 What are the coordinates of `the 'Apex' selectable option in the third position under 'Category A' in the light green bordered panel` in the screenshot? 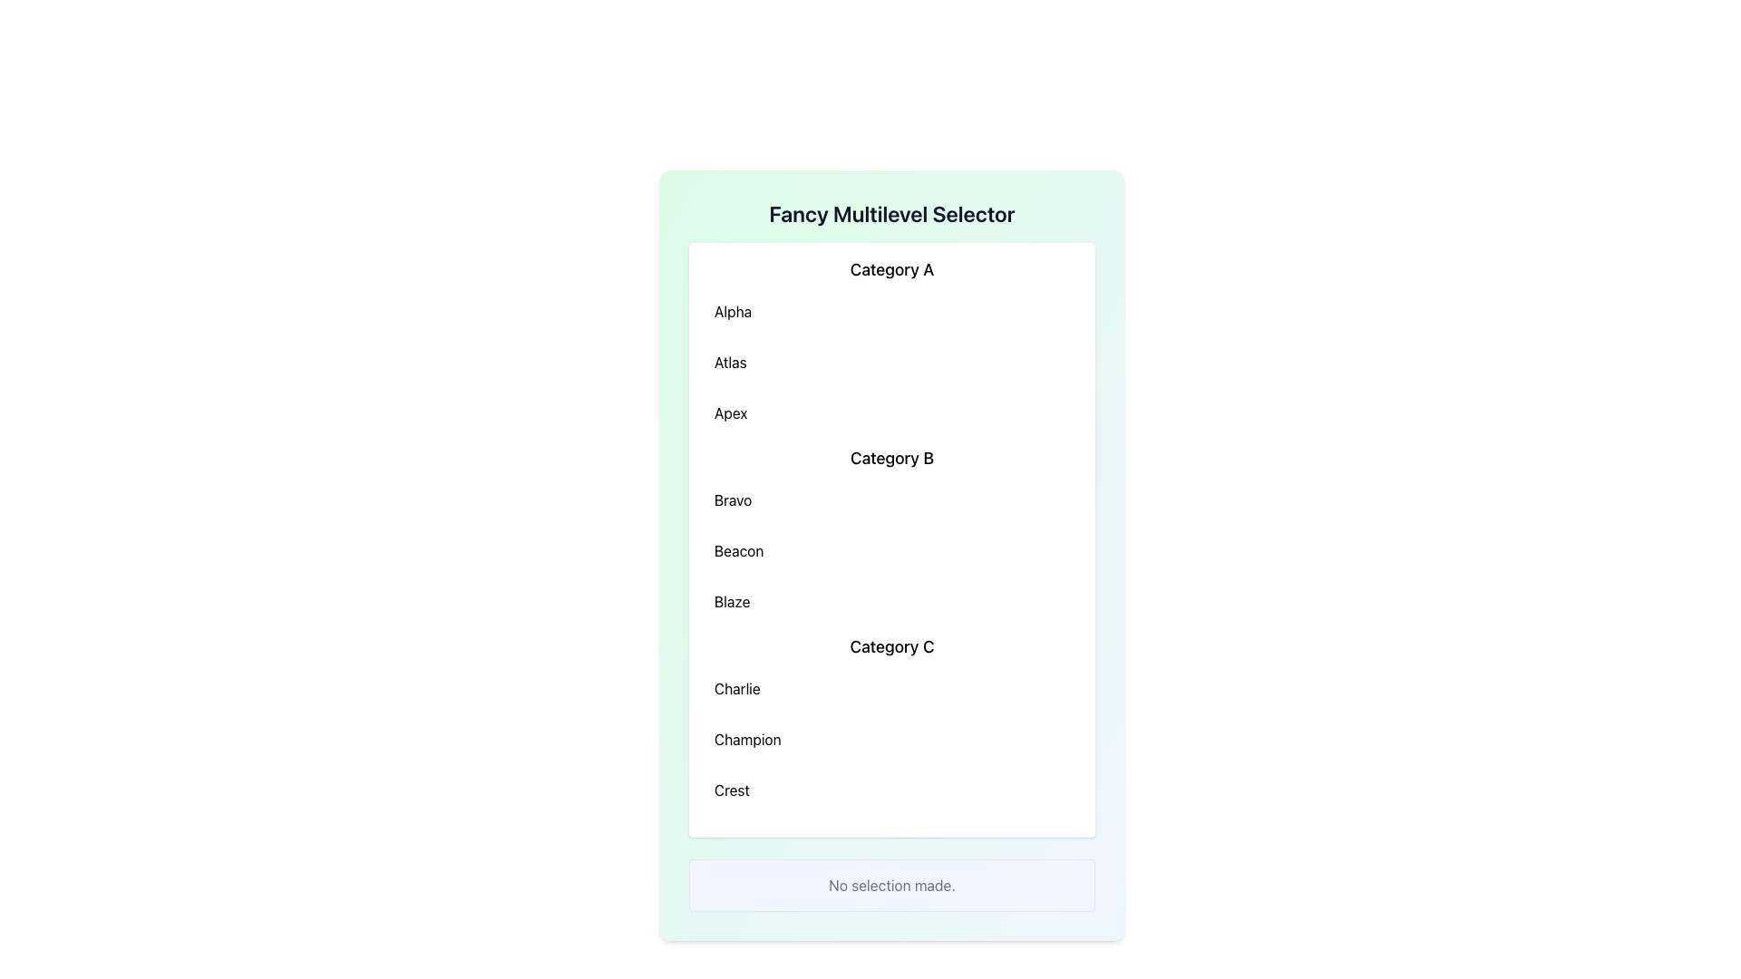 It's located at (731, 412).